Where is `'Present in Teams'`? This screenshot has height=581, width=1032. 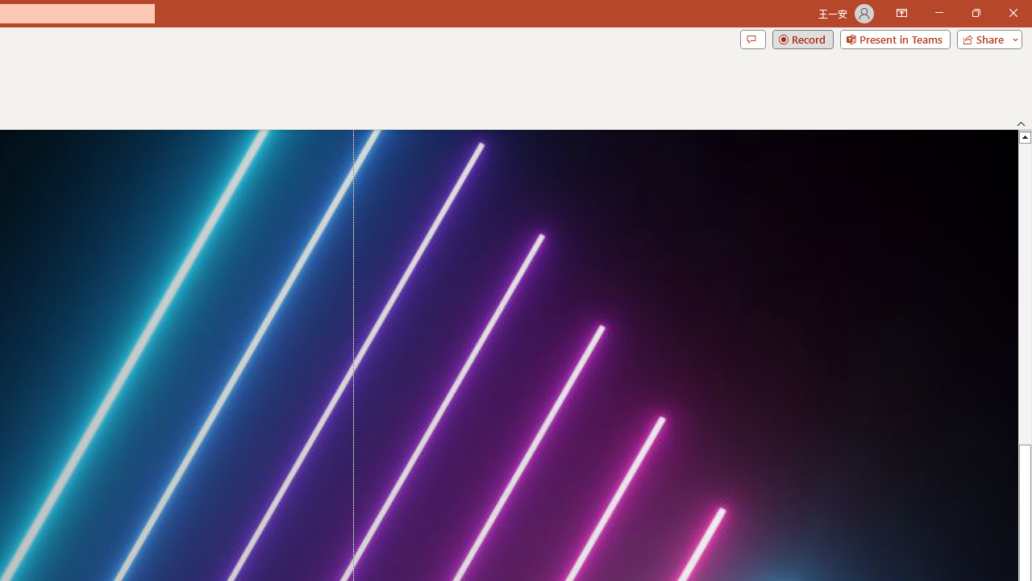 'Present in Teams' is located at coordinates (894, 38).